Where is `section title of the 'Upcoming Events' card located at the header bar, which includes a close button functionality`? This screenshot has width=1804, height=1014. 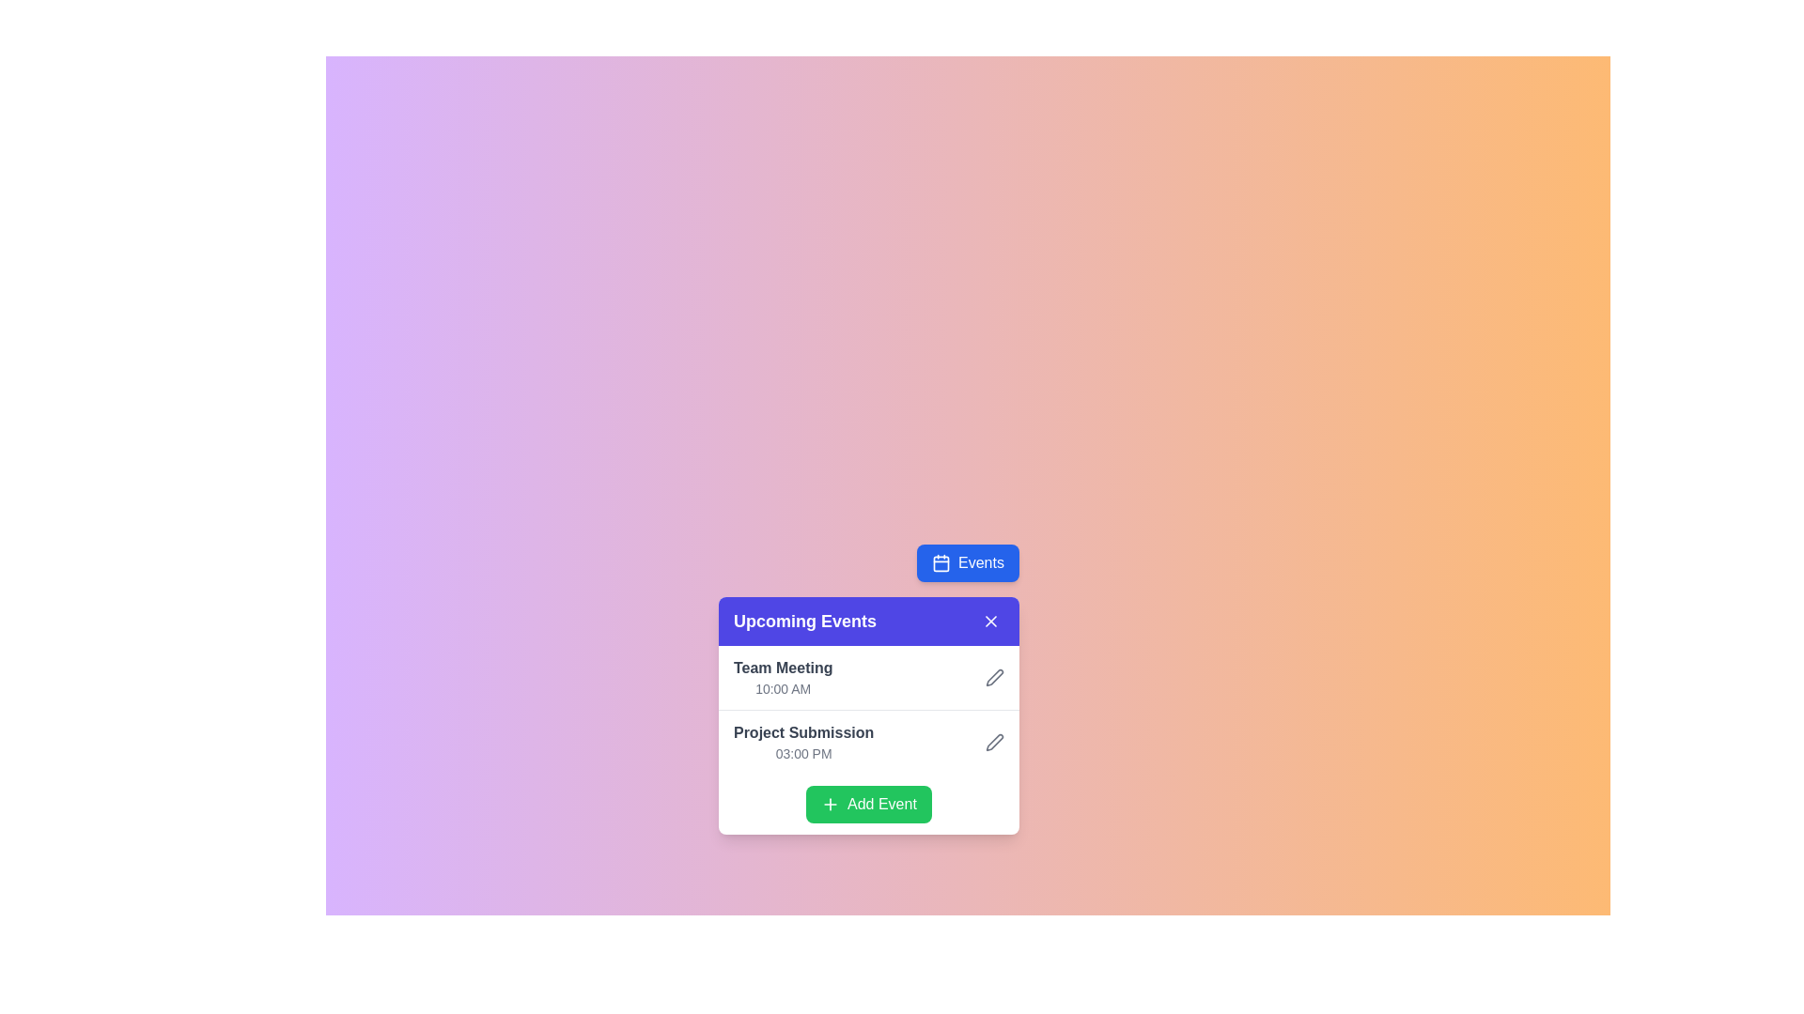
section title of the 'Upcoming Events' card located at the header bar, which includes a close button functionality is located at coordinates (867, 622).